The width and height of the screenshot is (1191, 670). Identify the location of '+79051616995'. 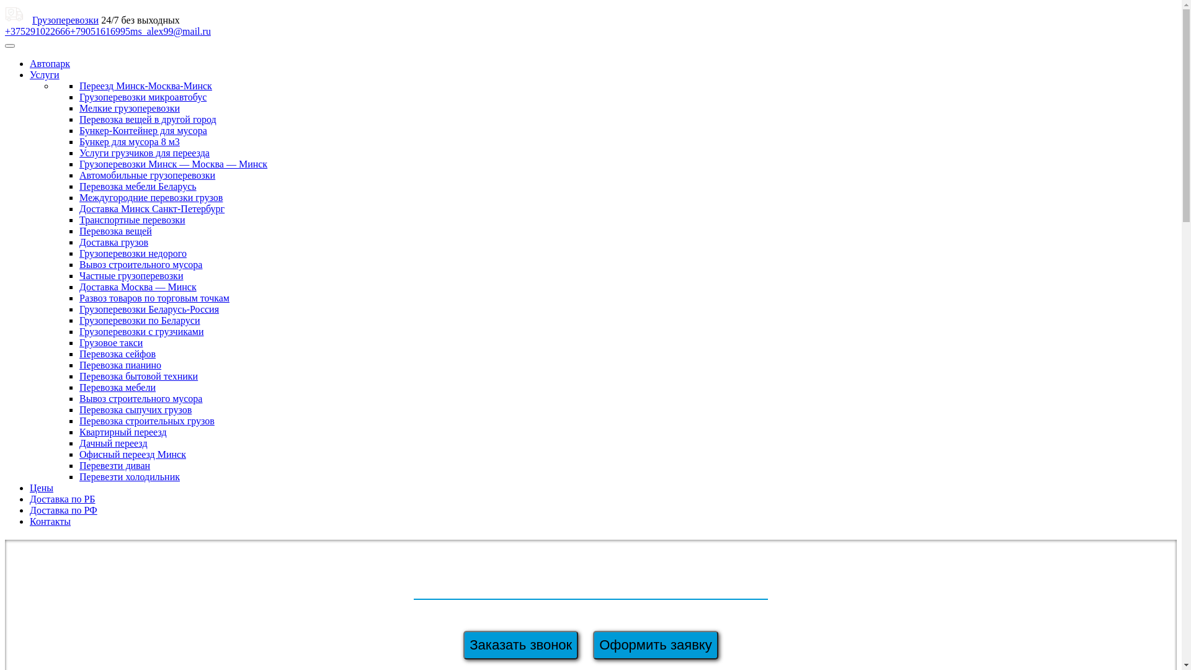
(100, 30).